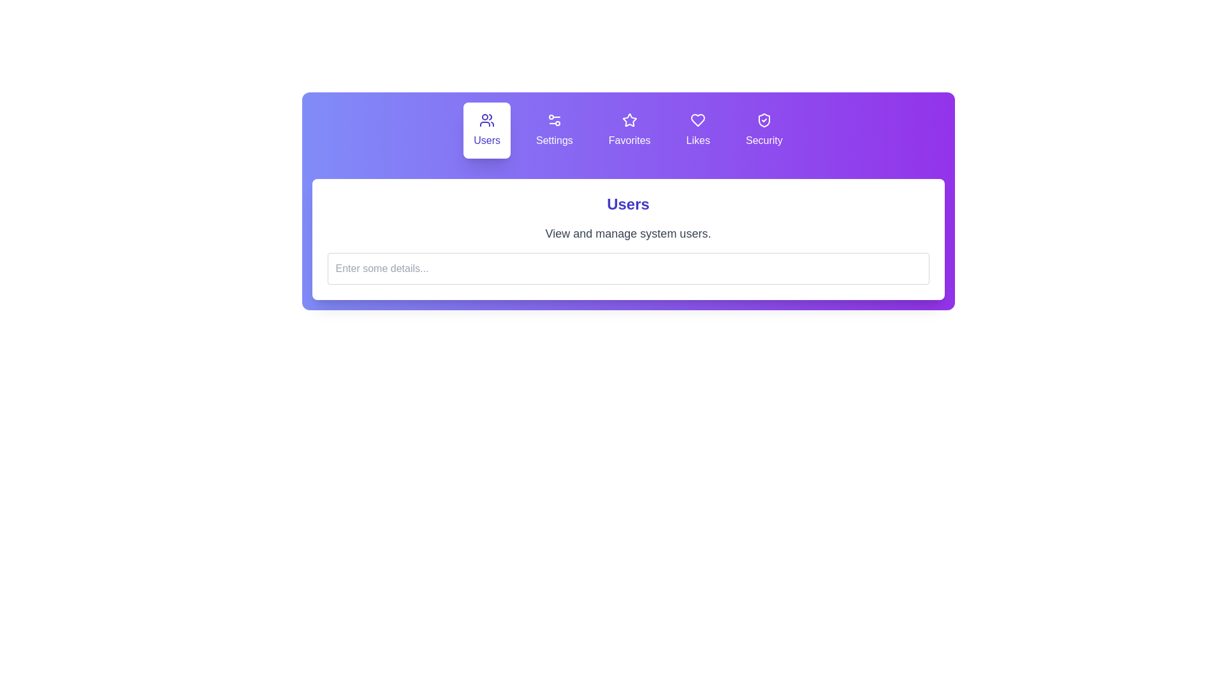  What do you see at coordinates (697, 130) in the screenshot?
I see `the tab labeled Likes to view its description` at bounding box center [697, 130].